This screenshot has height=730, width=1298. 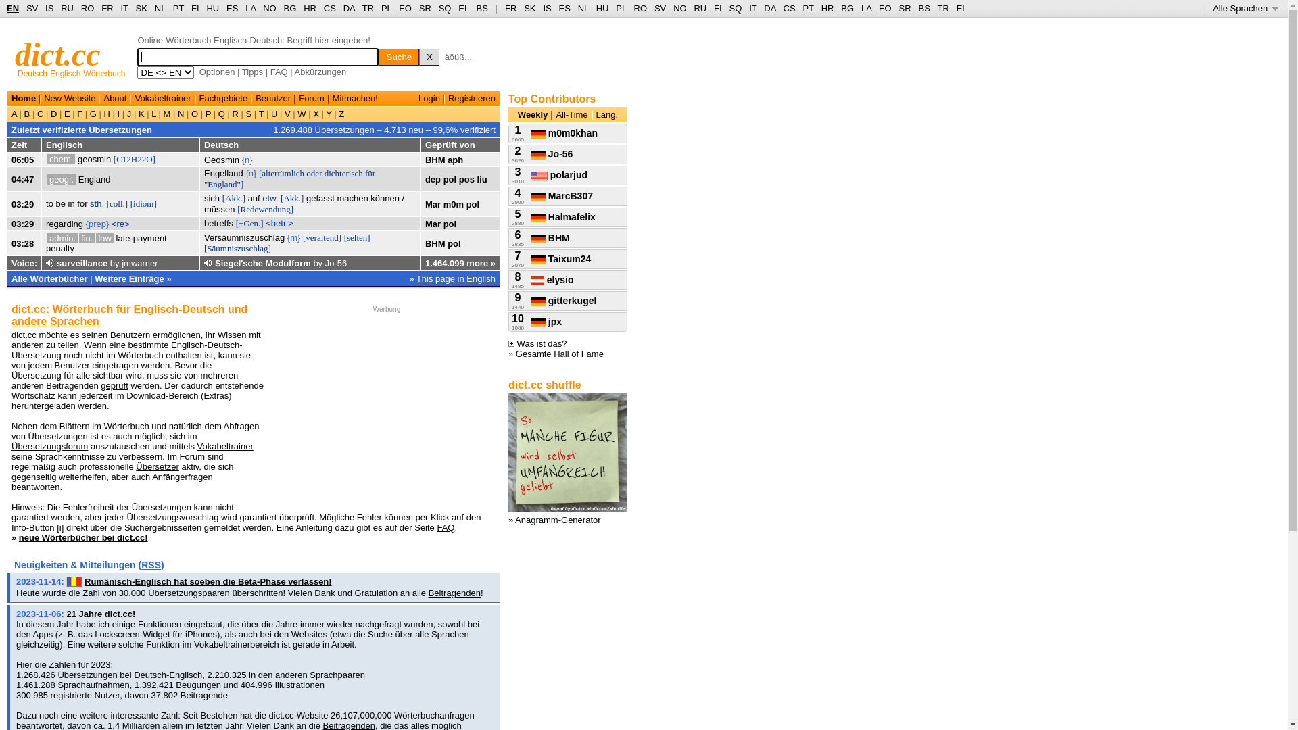 I want to click on 'm0m', so click(x=454, y=203).